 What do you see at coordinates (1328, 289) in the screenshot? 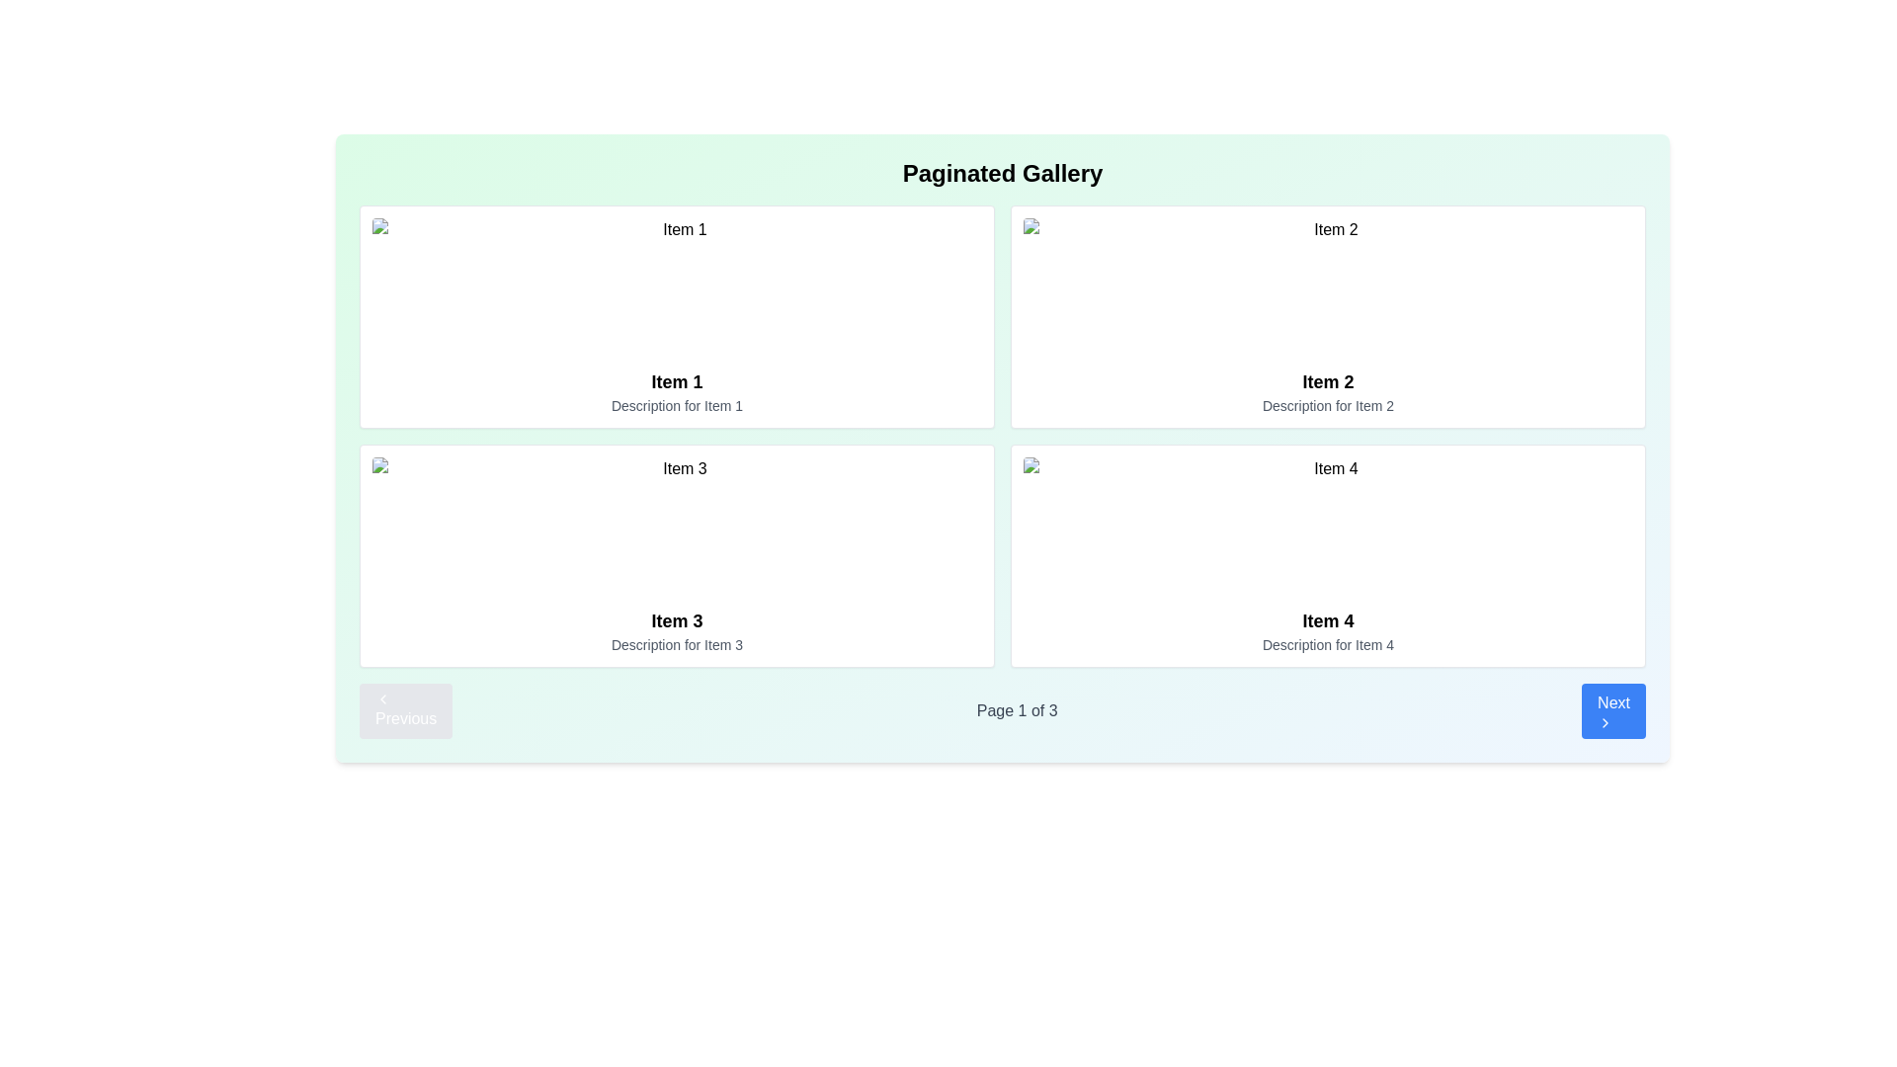
I see `the image representing 'Item 2', which is the top image in the second column of a two-row, two-column grid layout` at bounding box center [1328, 289].